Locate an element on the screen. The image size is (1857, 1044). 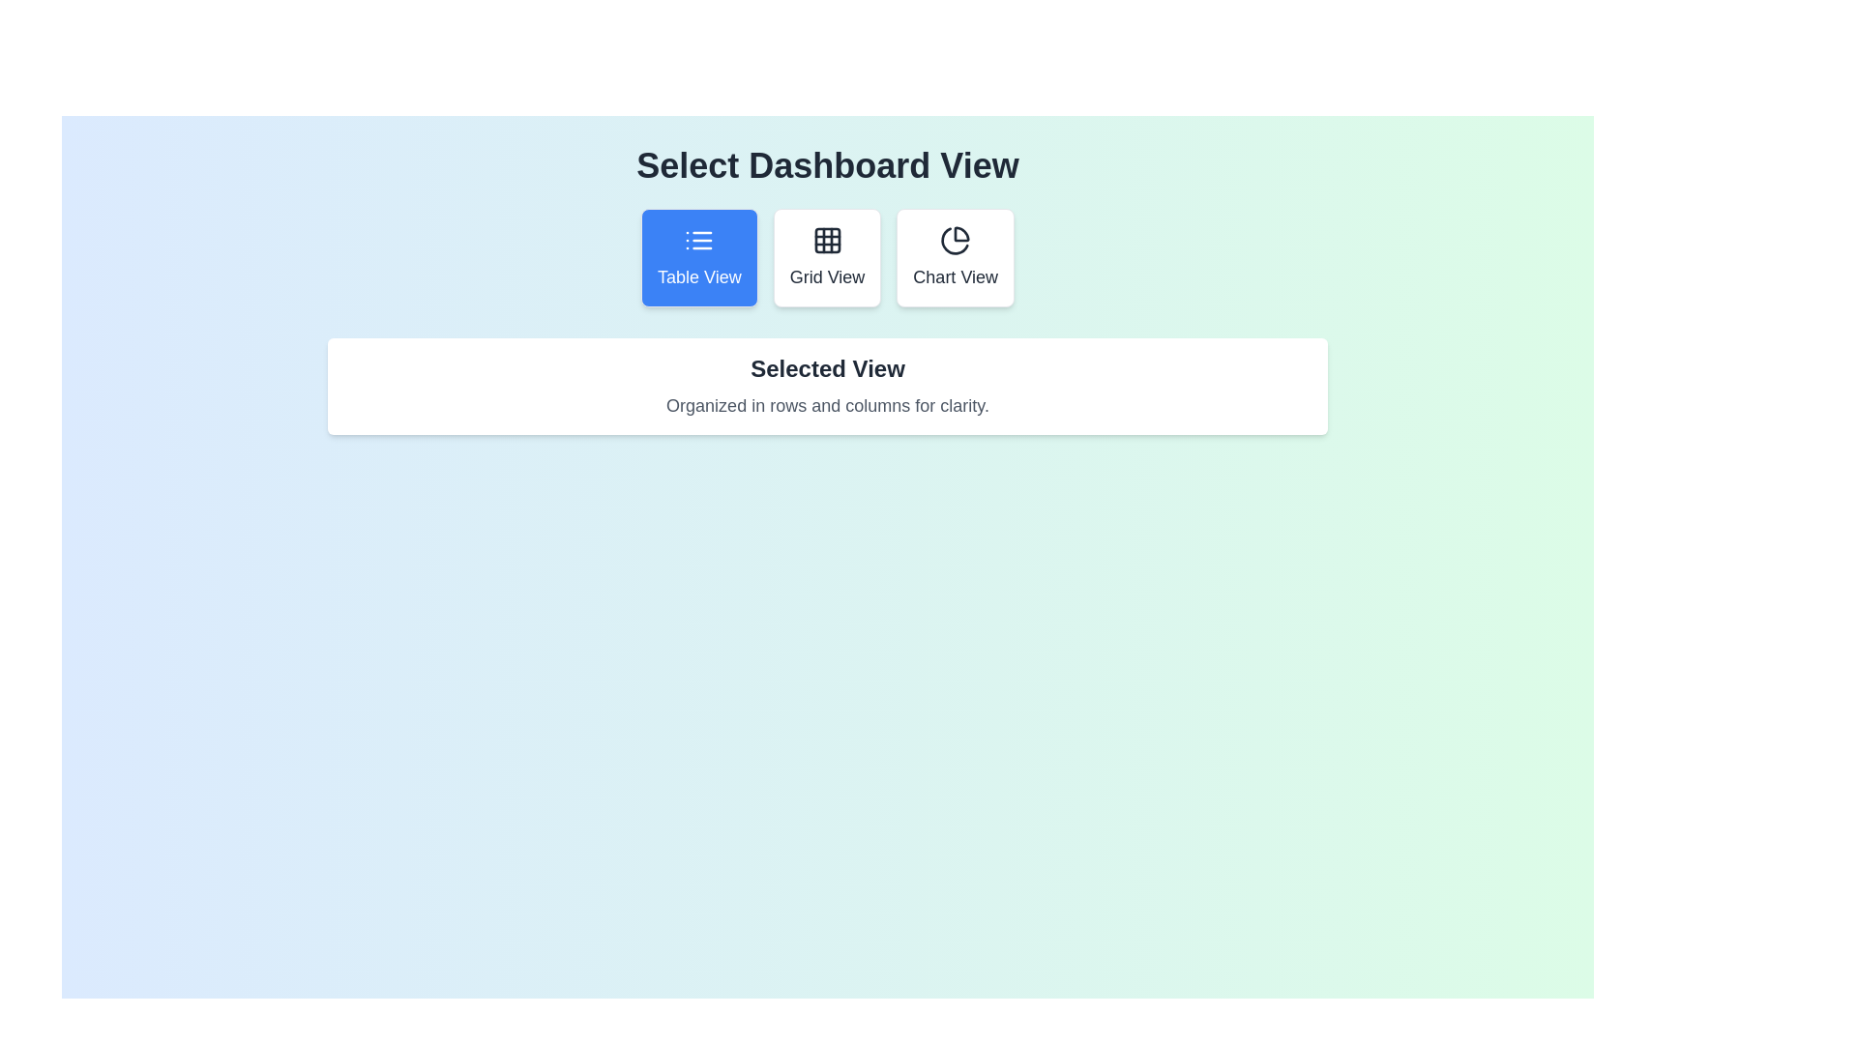
the view option Table View by clicking on its corresponding button is located at coordinates (698, 256).